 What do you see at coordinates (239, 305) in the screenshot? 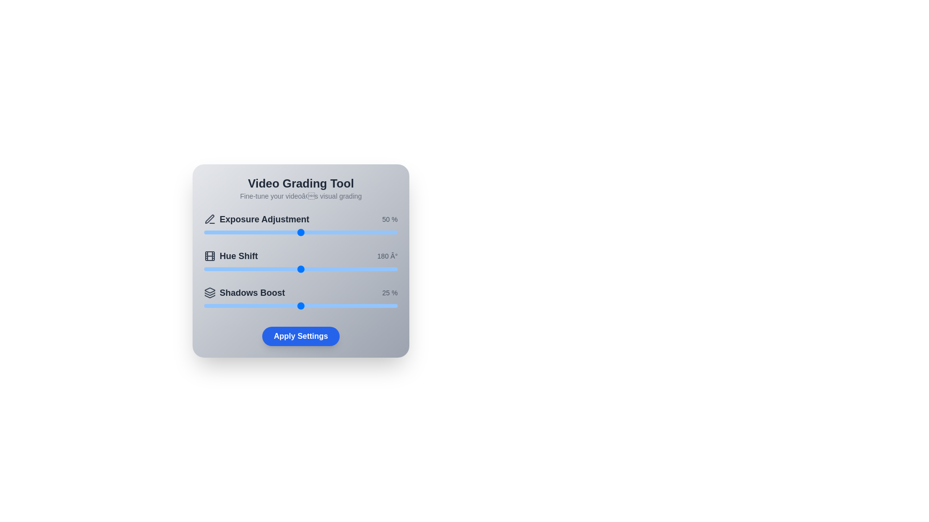
I see `the 'Shadows Boost' slider` at bounding box center [239, 305].